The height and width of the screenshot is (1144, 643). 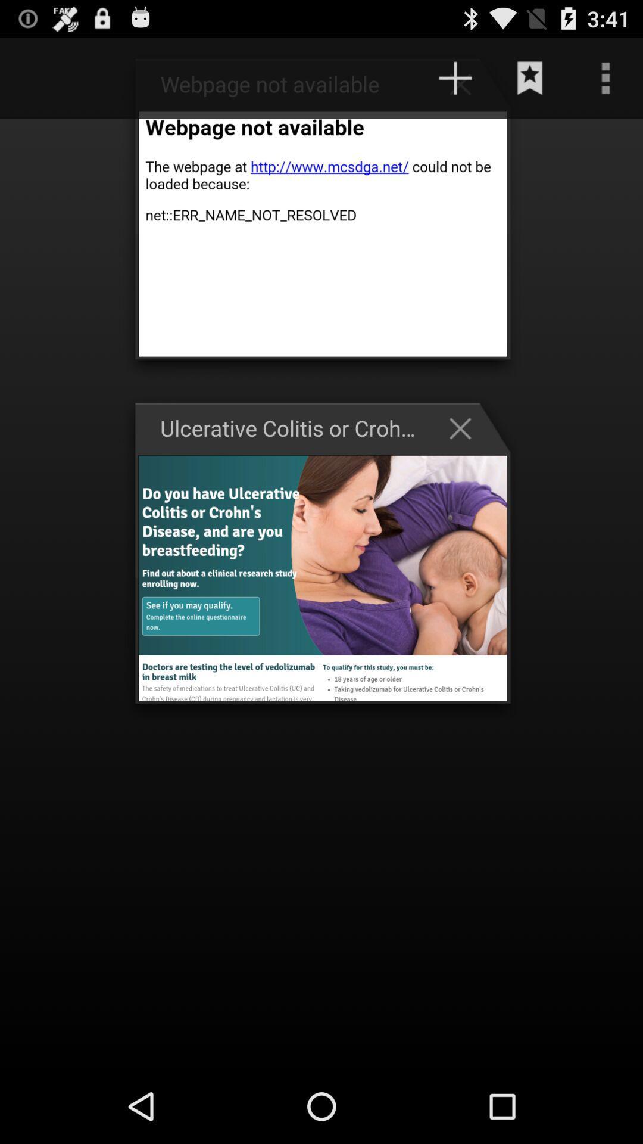 I want to click on the plus icon, so click(x=466, y=83).